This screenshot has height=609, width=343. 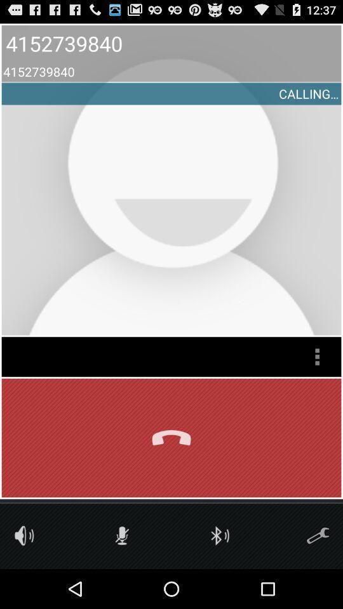 What do you see at coordinates (24, 535) in the screenshot?
I see `volume toggle button` at bounding box center [24, 535].